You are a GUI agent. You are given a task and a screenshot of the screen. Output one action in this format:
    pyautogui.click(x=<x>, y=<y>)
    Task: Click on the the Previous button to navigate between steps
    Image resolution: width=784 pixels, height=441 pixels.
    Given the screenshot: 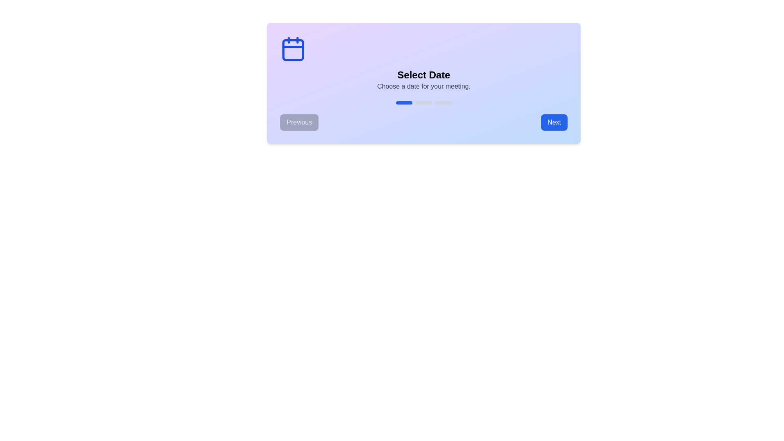 What is the action you would take?
    pyautogui.click(x=299, y=122)
    